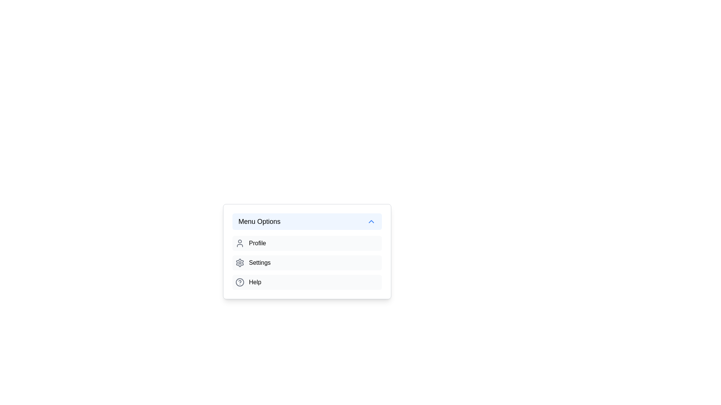 The height and width of the screenshot is (405, 721). What do you see at coordinates (239, 262) in the screenshot?
I see `the gear icon representing settings, located to the left of the 'Settings' text in the vertical menu` at bounding box center [239, 262].